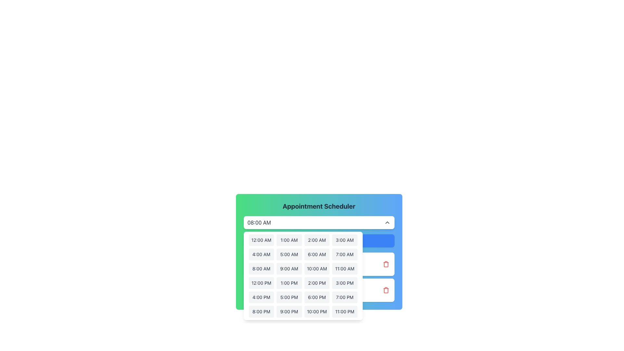 Image resolution: width=624 pixels, height=351 pixels. What do you see at coordinates (261, 268) in the screenshot?
I see `the rectangular button labeled '8:00 AM' with a light gray background and rounded corners, located in the third row, first column of the 'Appointment Scheduler' dropdown menu` at bounding box center [261, 268].